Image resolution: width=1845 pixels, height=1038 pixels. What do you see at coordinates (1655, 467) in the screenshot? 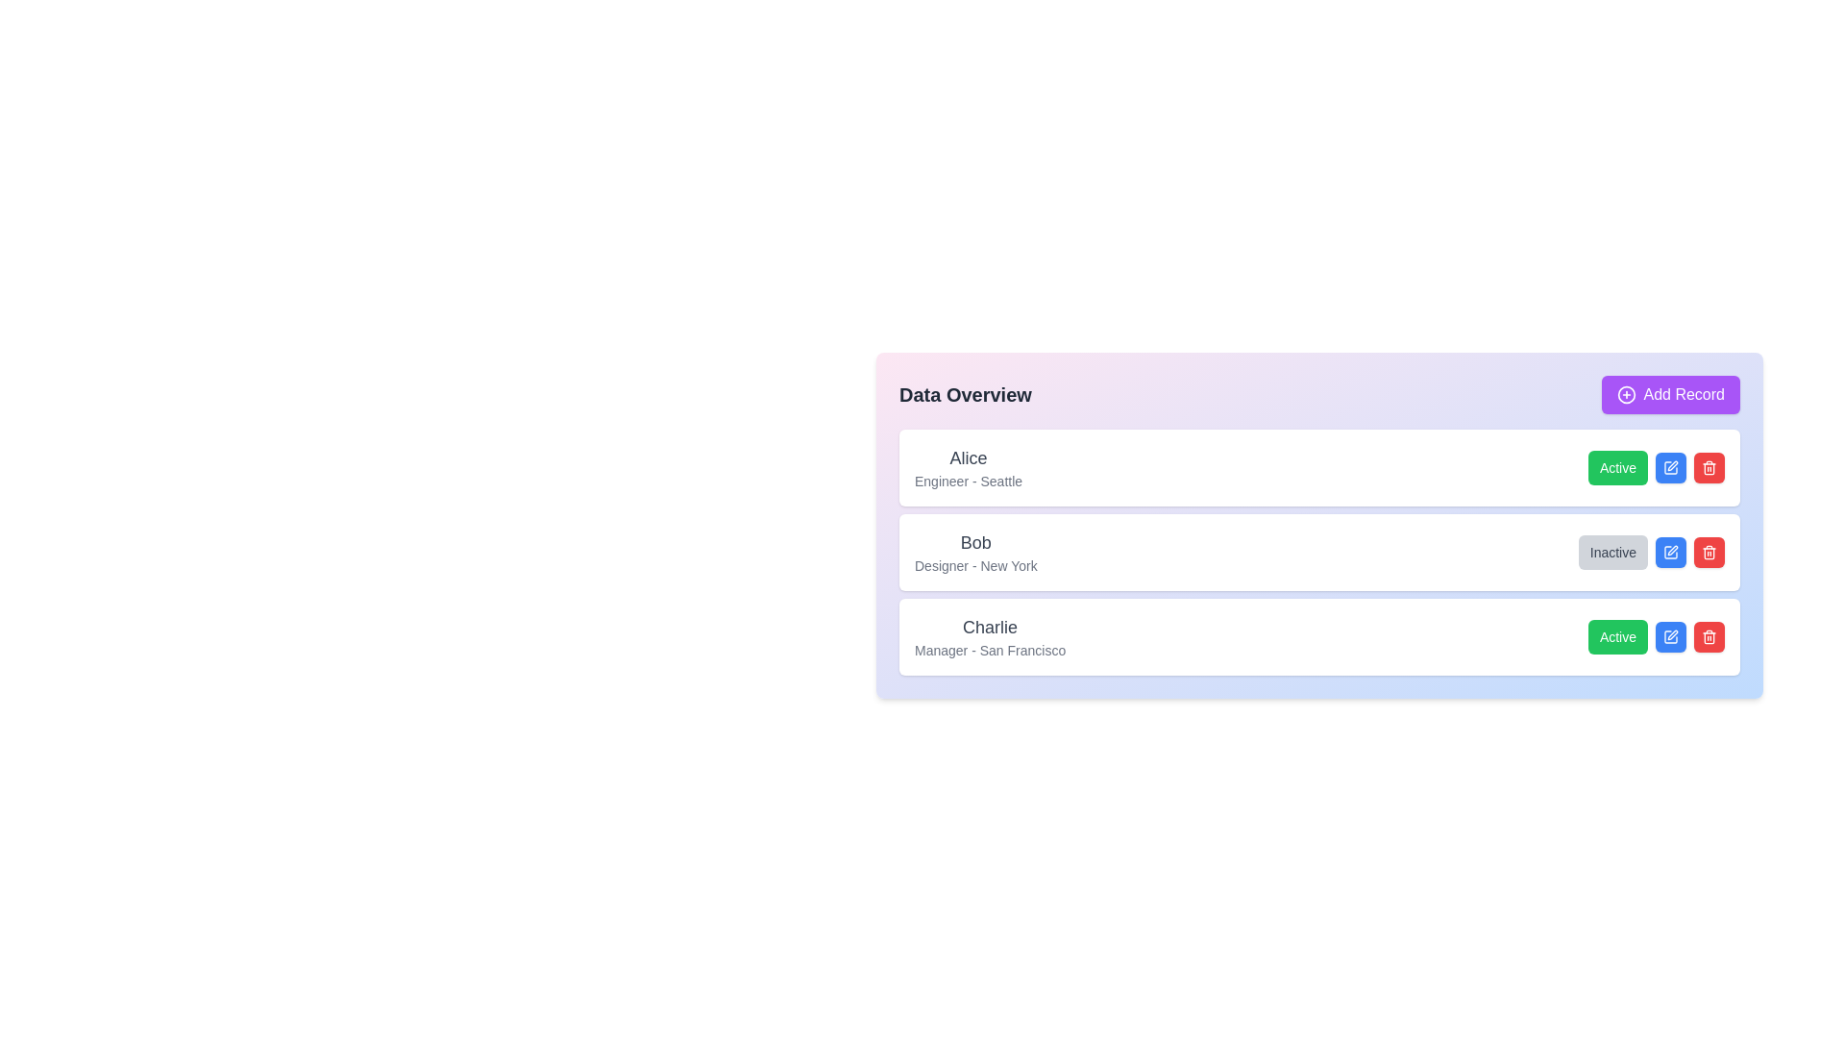
I see `the green 'Active' button to modify its state, which is located next to the blue edit button and the red delete button in the topmost record row` at bounding box center [1655, 467].